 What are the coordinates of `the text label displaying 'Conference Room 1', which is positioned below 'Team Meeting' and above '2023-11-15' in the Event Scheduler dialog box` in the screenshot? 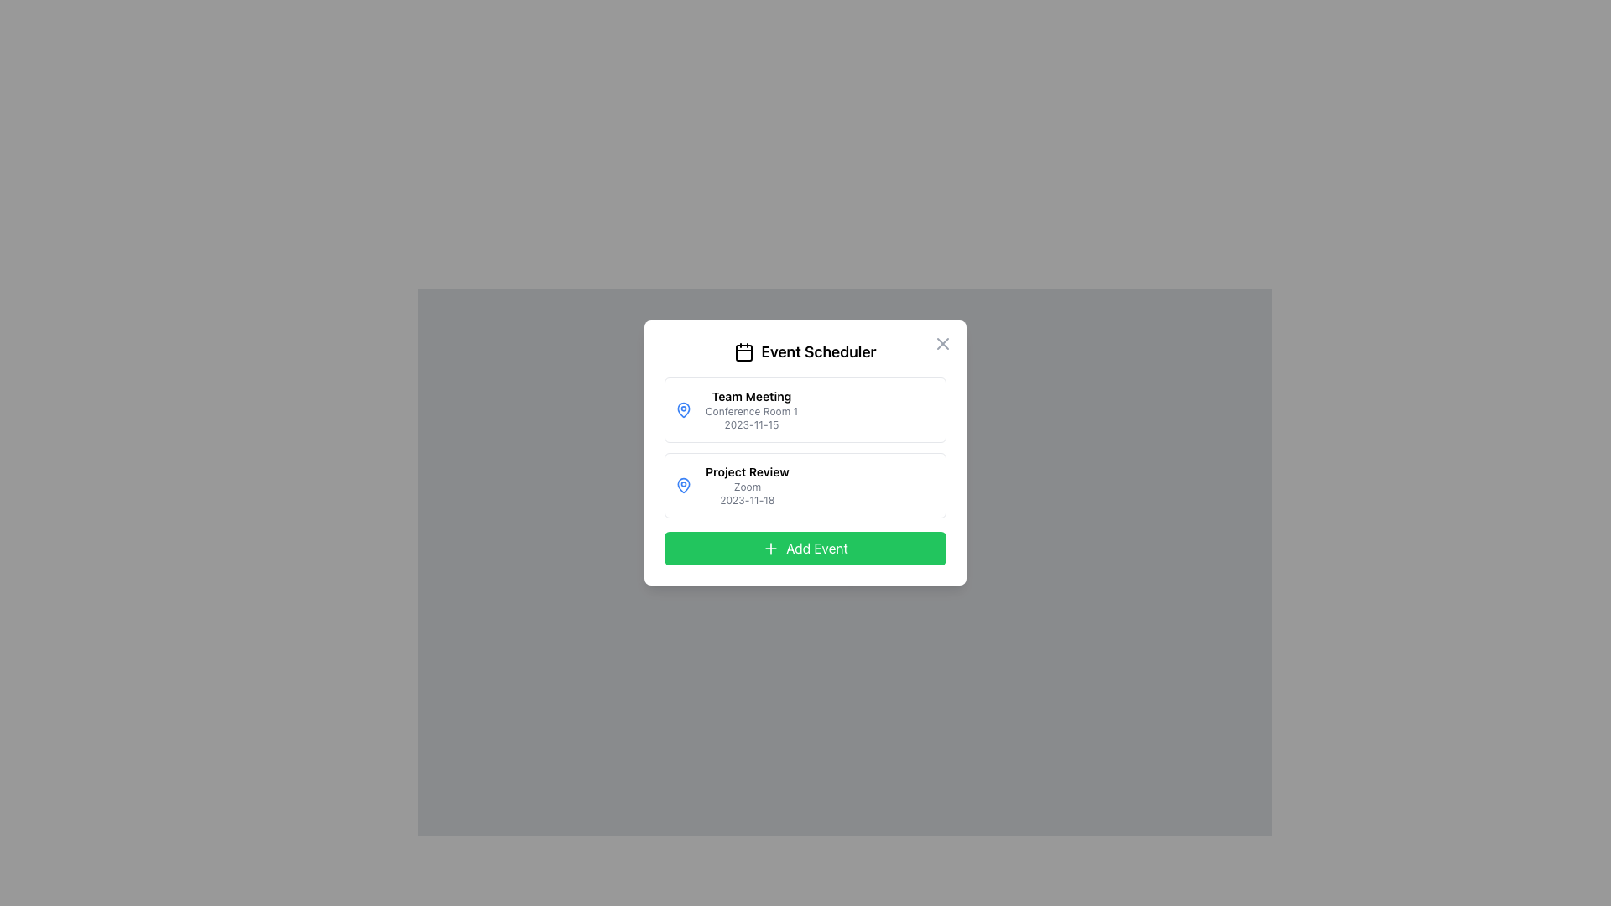 It's located at (751, 411).